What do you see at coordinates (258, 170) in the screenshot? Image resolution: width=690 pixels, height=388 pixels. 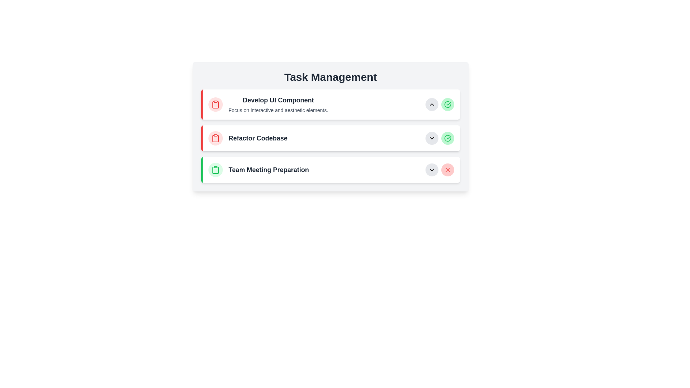 I see `the task list item titled 'Team Meeting Preparation', which features a green circle with a clipboard icon` at bounding box center [258, 170].